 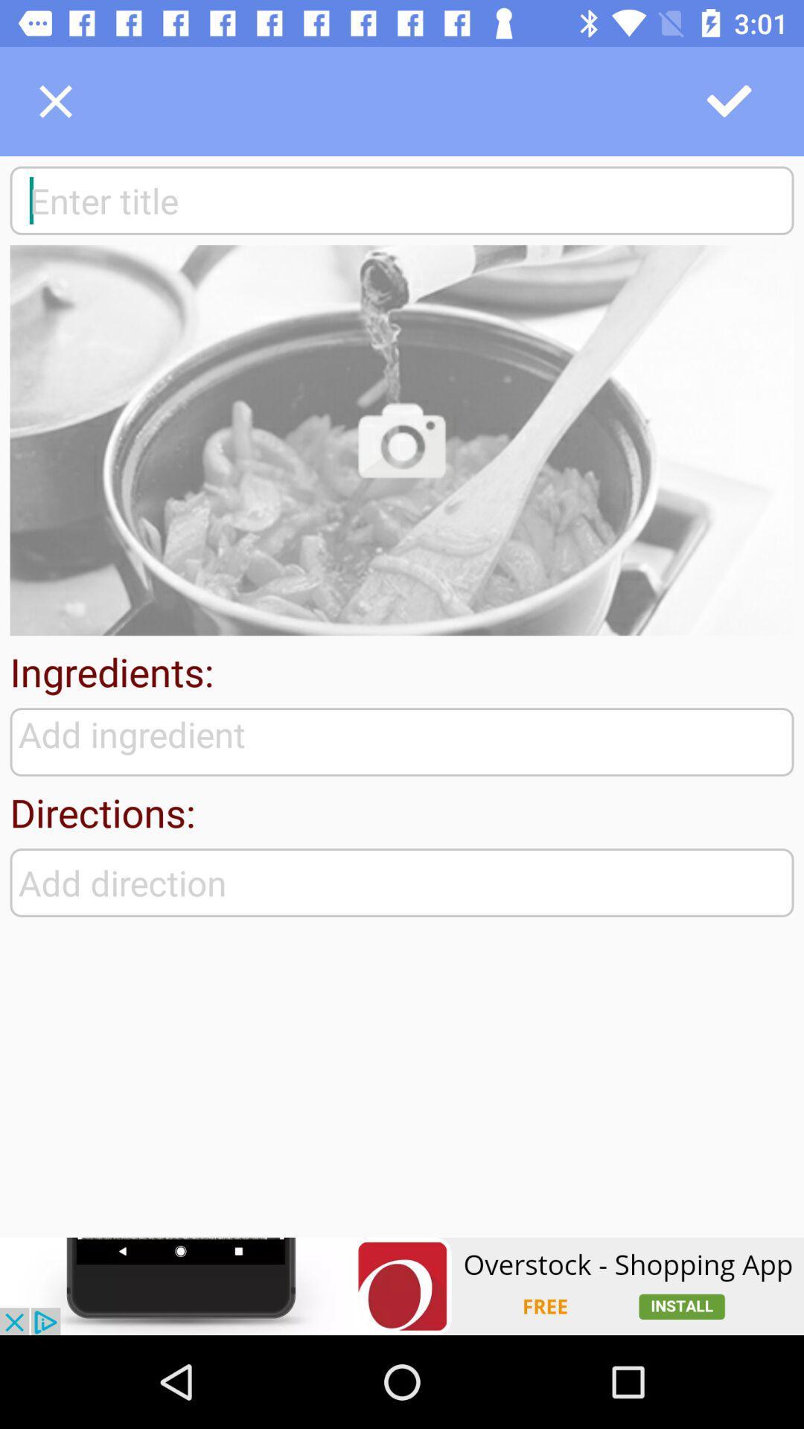 What do you see at coordinates (54, 100) in the screenshot?
I see `close button` at bounding box center [54, 100].